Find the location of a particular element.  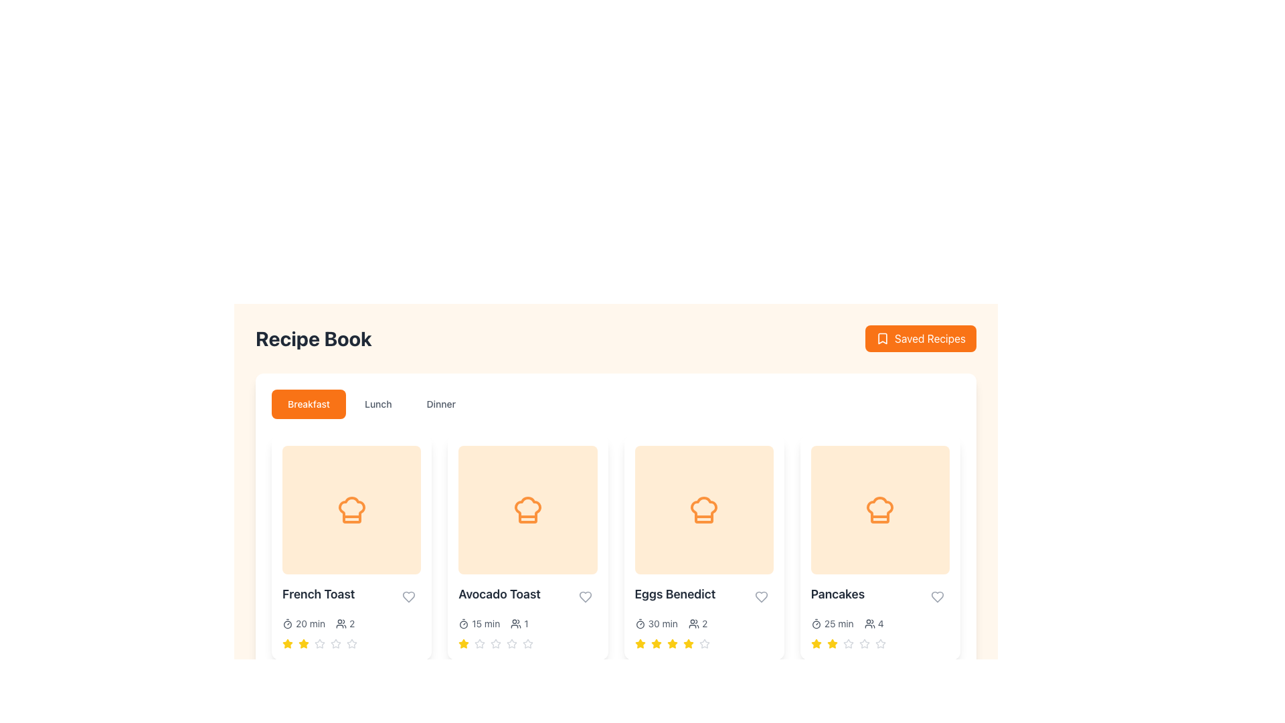

the first star icon in the rating system under the 'French Toast' recipe card is located at coordinates (303, 643).